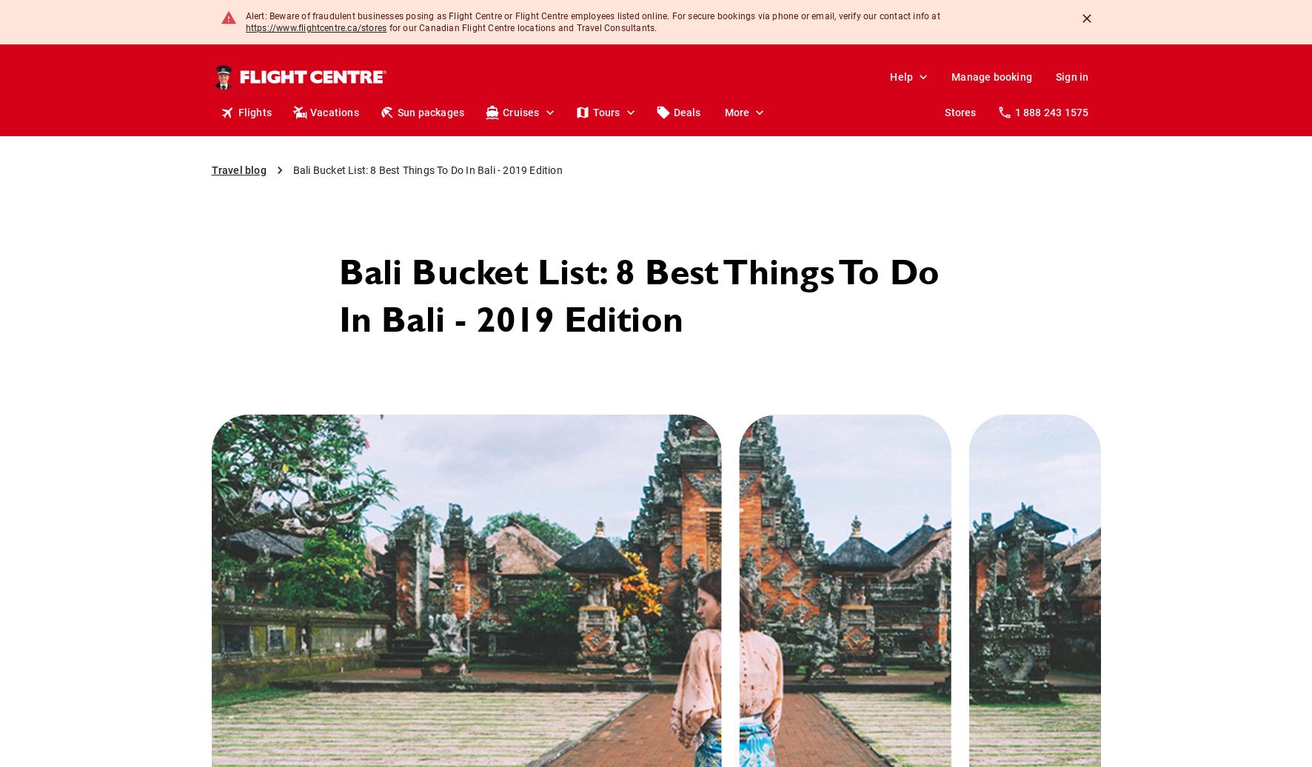  I want to click on 'More', so click(735, 112).